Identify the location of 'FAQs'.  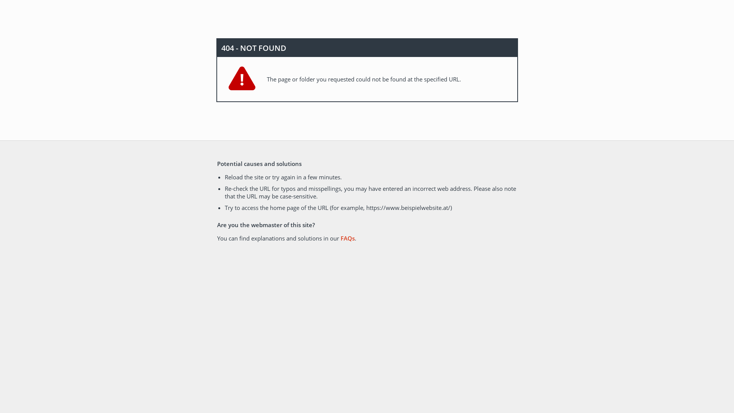
(347, 238).